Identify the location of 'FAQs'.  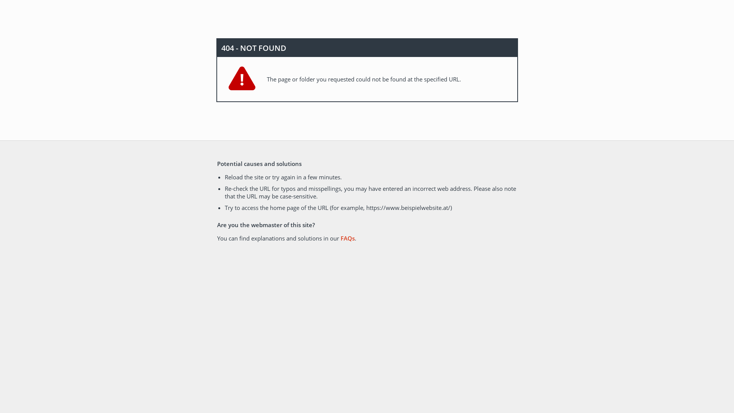
(347, 238).